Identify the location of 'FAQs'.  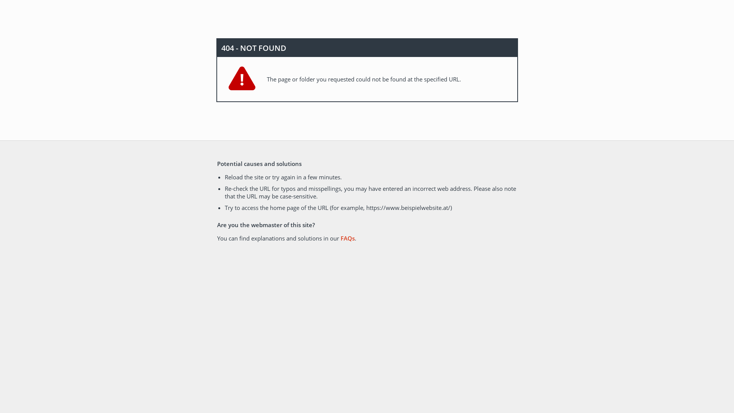
(347, 238).